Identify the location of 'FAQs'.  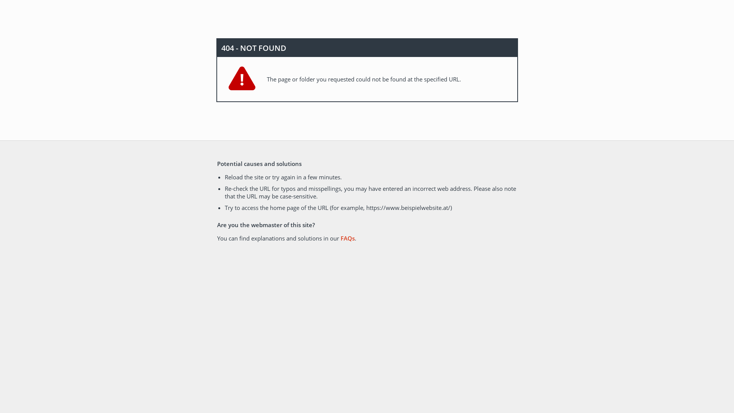
(347, 238).